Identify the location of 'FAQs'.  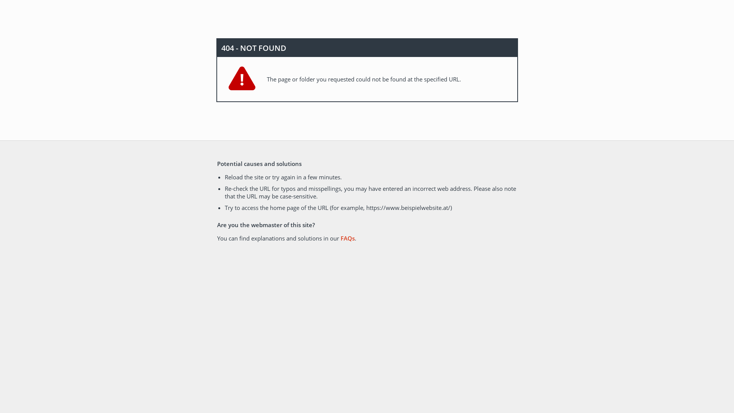
(347, 238).